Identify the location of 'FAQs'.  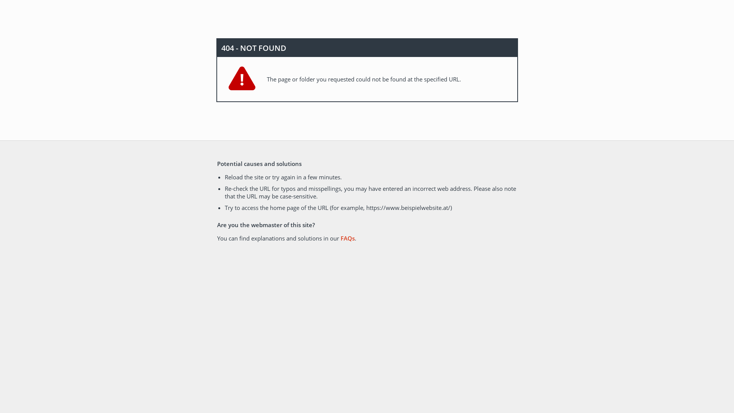
(347, 238).